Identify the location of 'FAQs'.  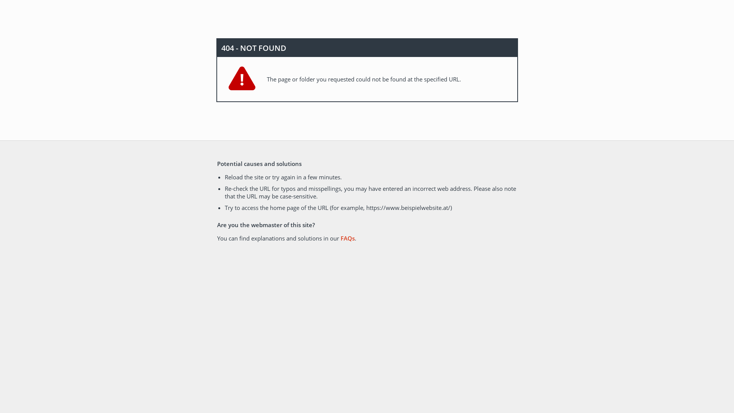
(347, 238).